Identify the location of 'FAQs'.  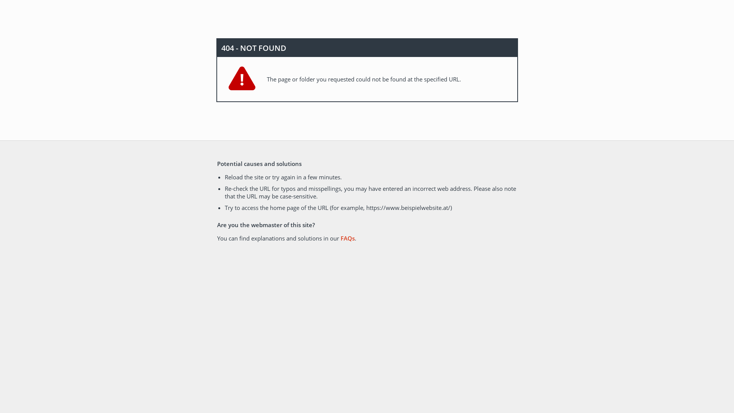
(347, 238).